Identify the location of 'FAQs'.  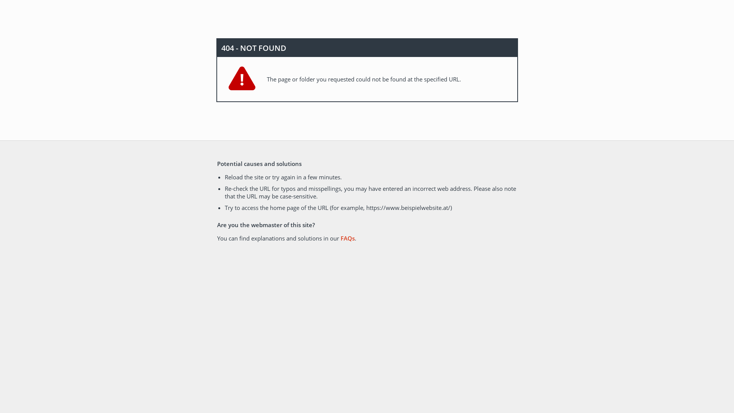
(347, 238).